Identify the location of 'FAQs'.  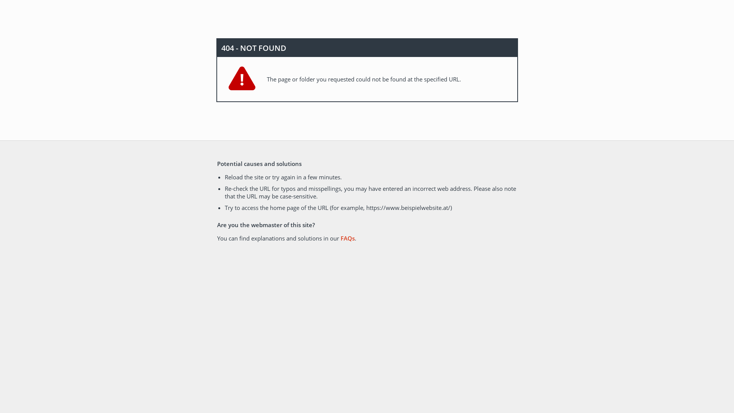
(347, 238).